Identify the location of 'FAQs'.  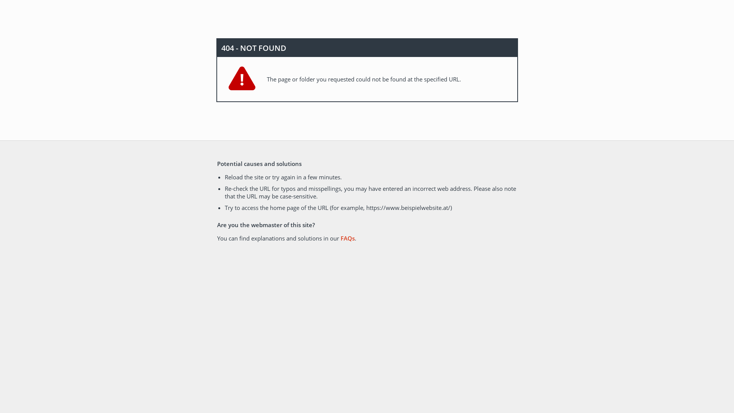
(347, 238).